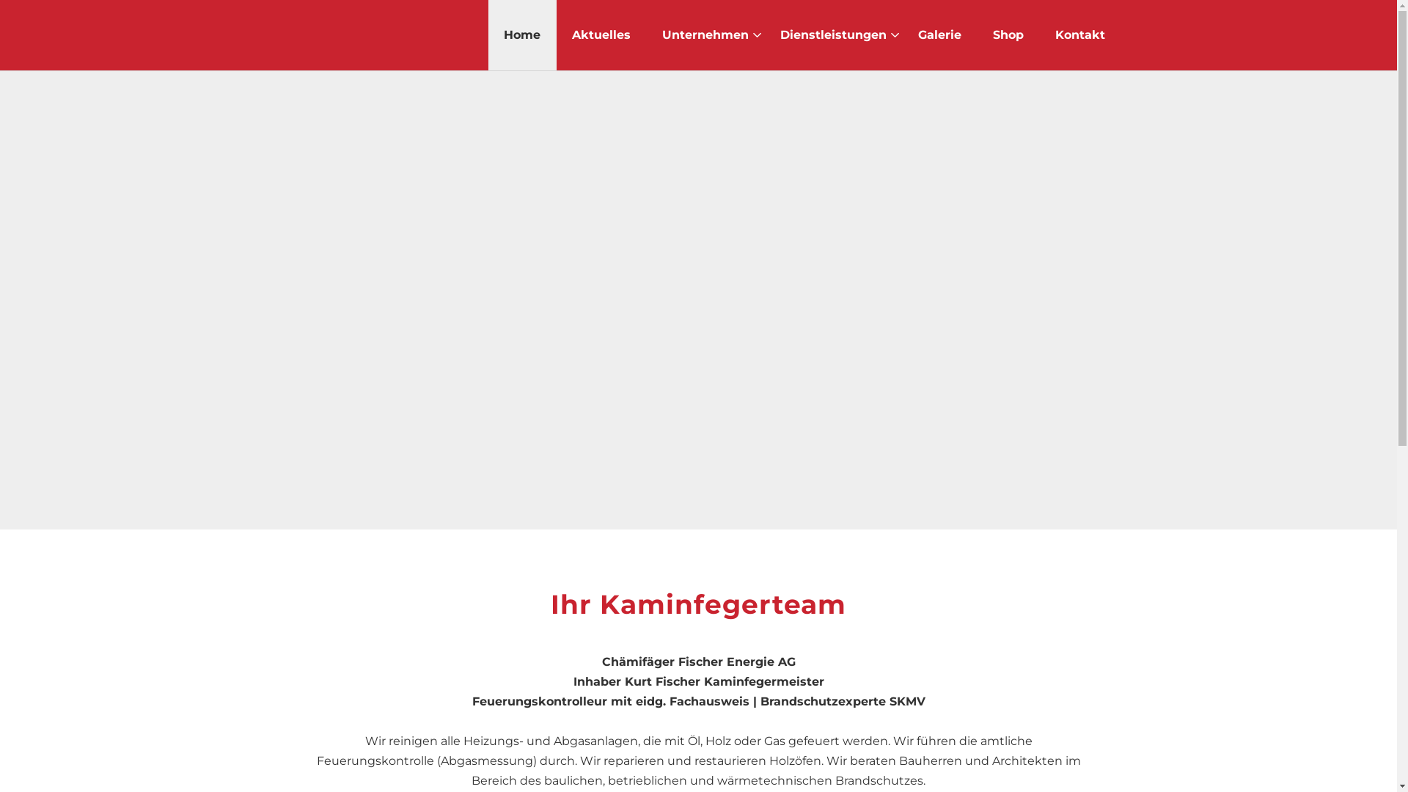 This screenshot has height=792, width=1408. Describe the element at coordinates (1007, 34) in the screenshot. I see `'Shop'` at that location.